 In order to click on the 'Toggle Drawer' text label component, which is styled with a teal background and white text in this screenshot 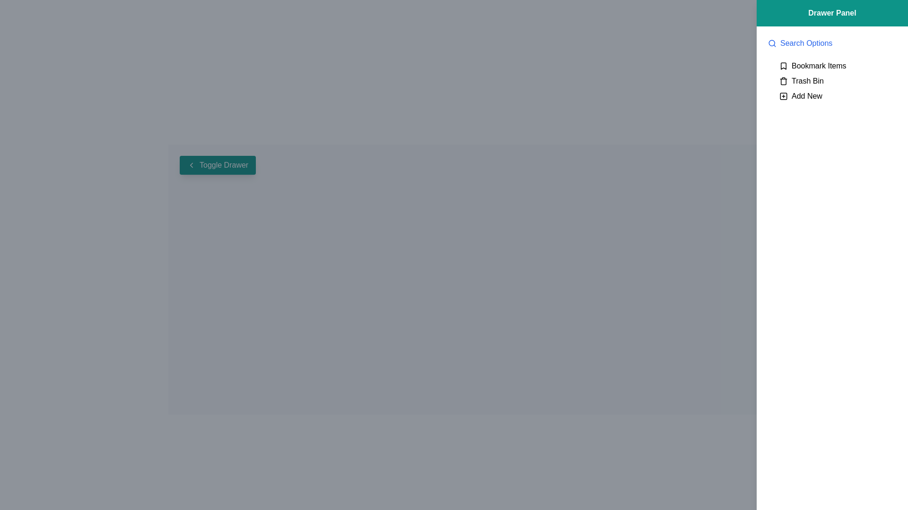, I will do `click(223, 165)`.